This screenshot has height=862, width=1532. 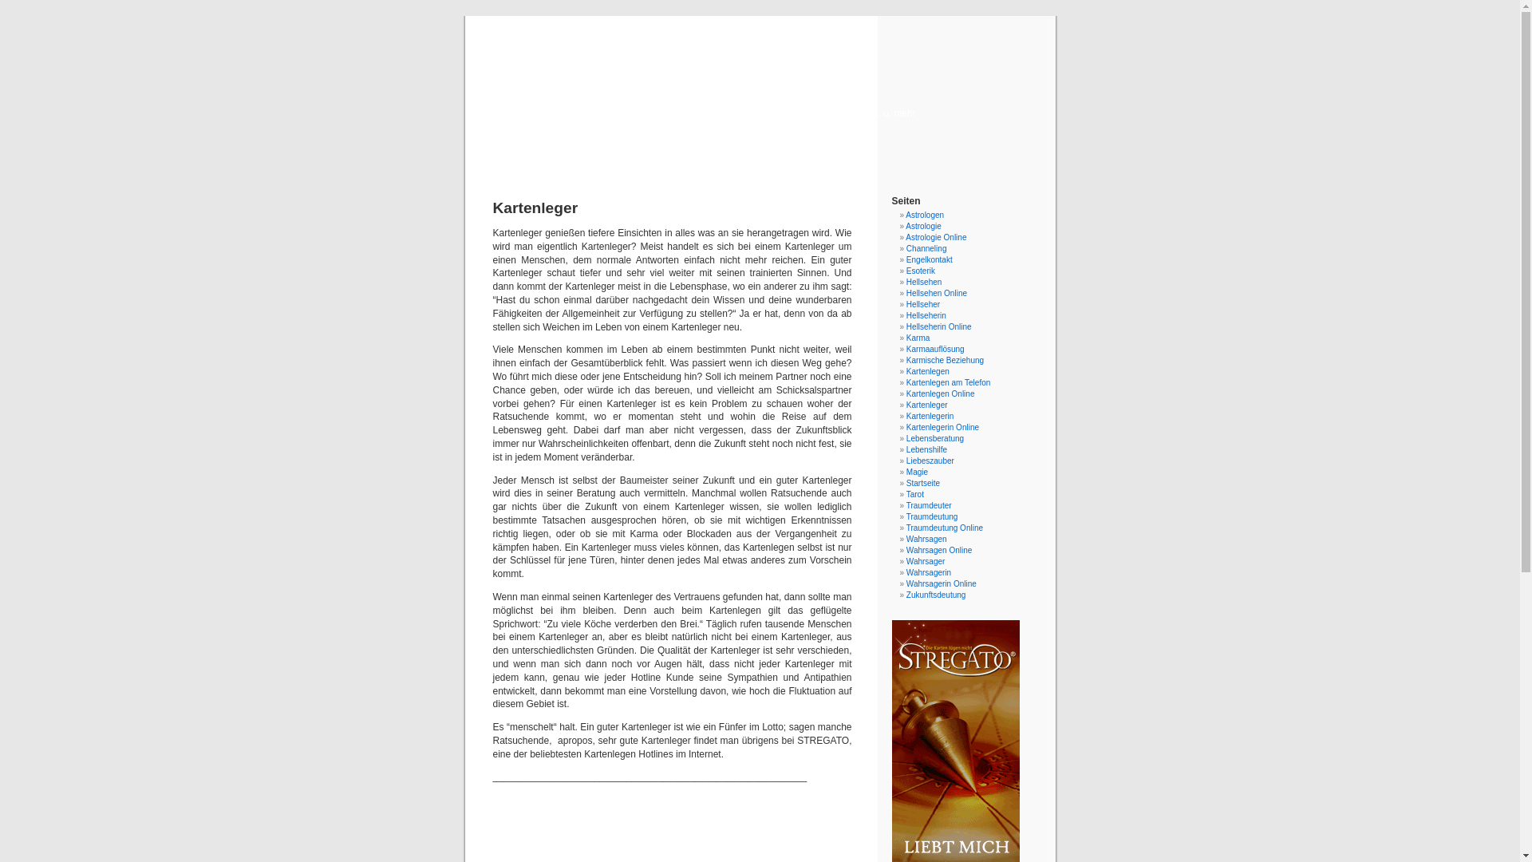 I want to click on 'Wahrsager', so click(x=906, y=560).